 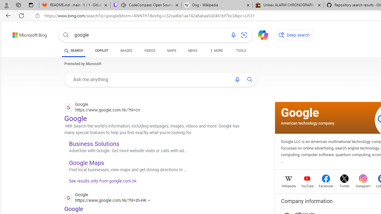 I want to click on 'Business Solutions', so click(x=94, y=144).